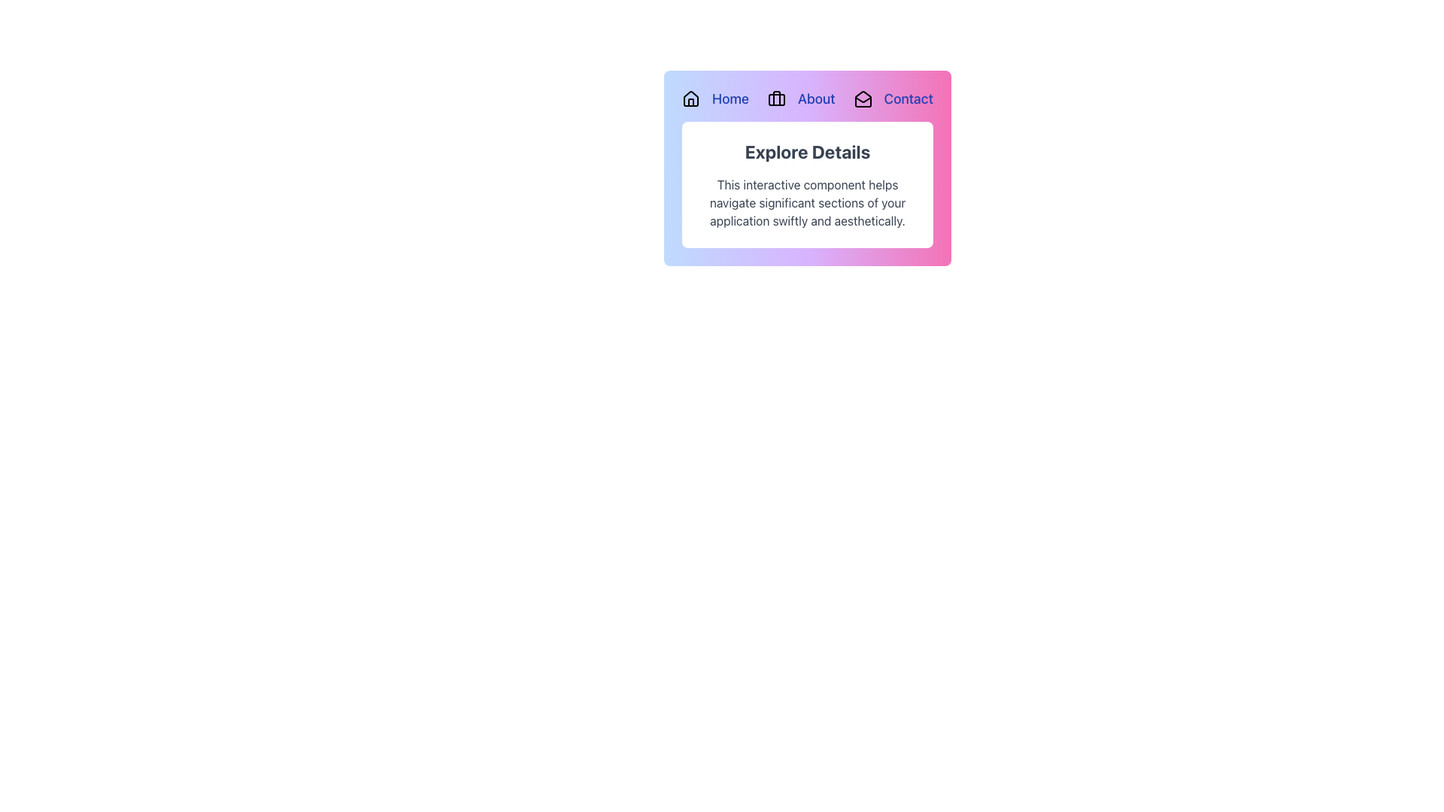 The width and height of the screenshot is (1444, 812). What do you see at coordinates (714, 98) in the screenshot?
I see `the first hyperlink in the navigation bar at the top of the card layout` at bounding box center [714, 98].